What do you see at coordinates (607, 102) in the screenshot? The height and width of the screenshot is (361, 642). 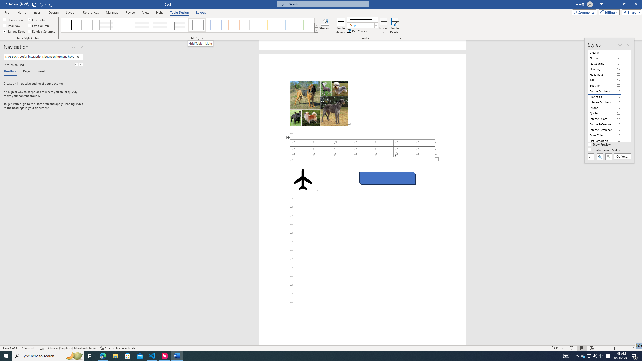 I see `'Intense Emphasis'` at bounding box center [607, 102].